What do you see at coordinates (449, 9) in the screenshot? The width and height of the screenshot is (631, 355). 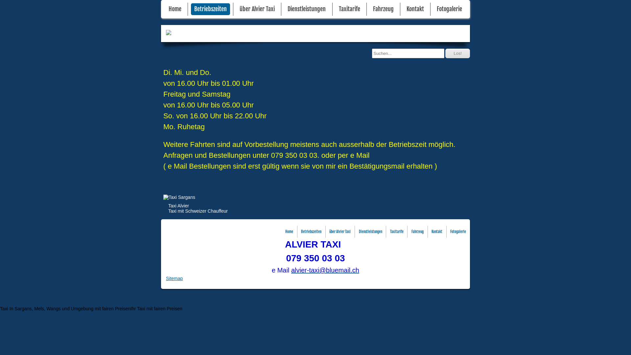 I see `'Fotogalerie'` at bounding box center [449, 9].